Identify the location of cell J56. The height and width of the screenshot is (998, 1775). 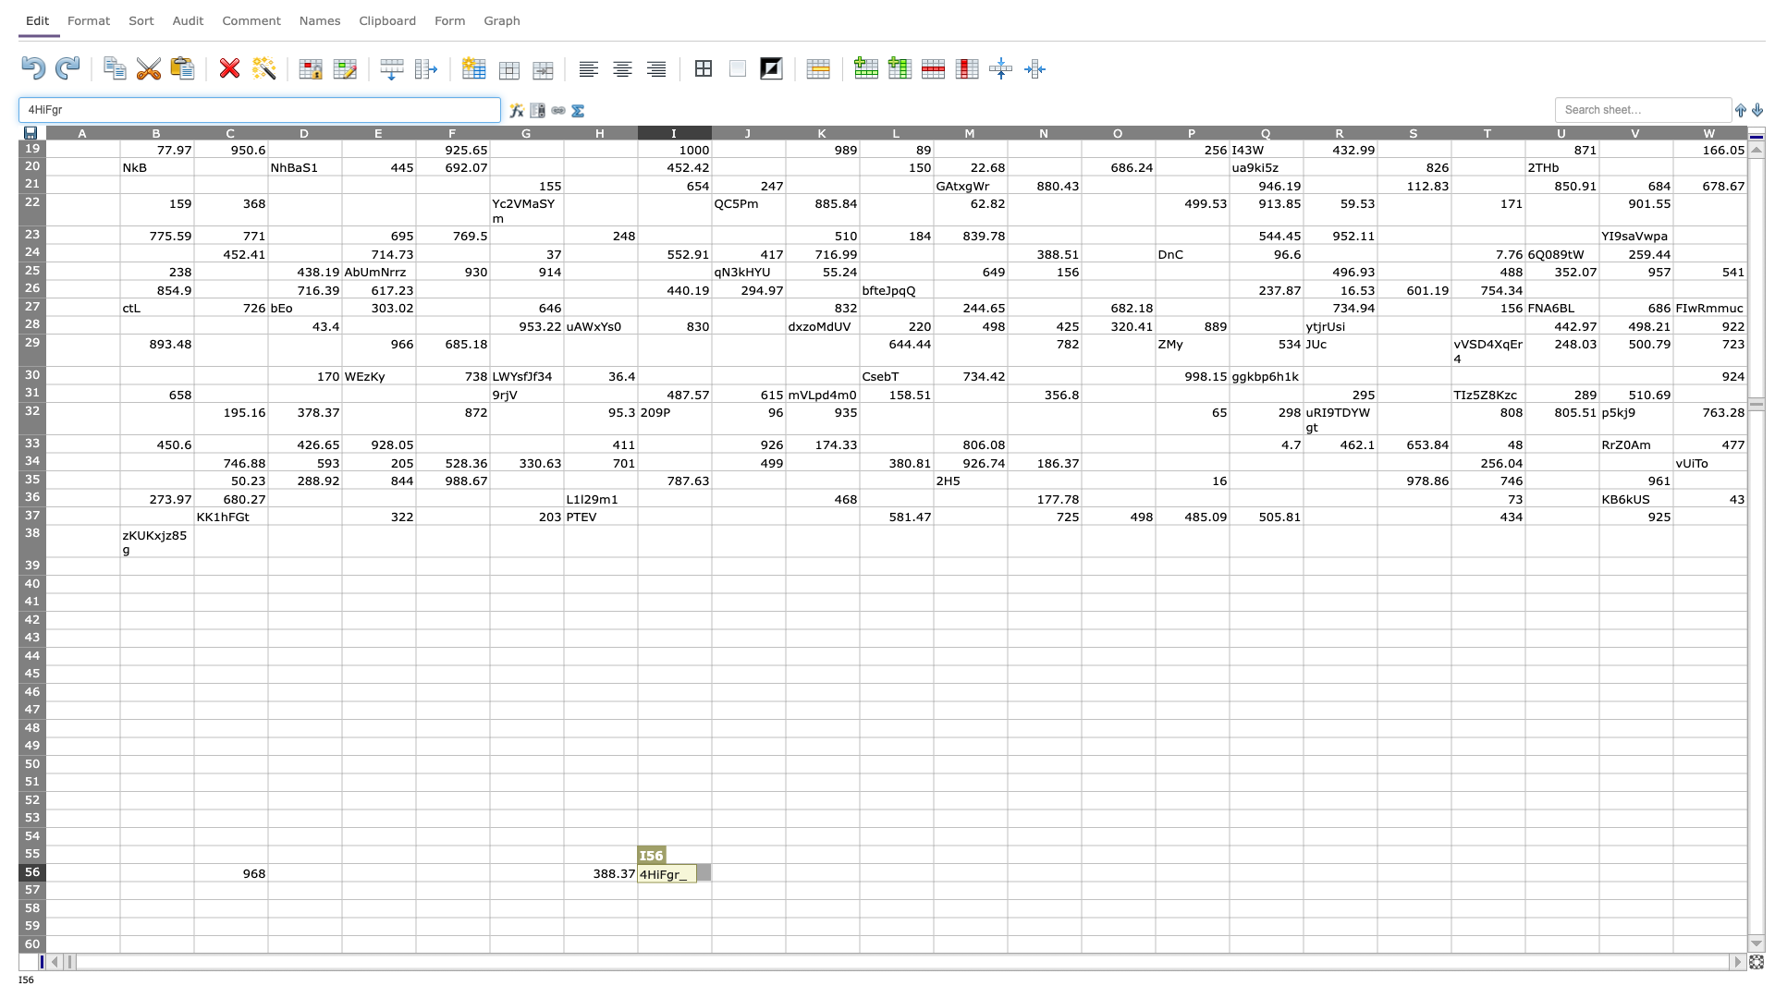
(749, 872).